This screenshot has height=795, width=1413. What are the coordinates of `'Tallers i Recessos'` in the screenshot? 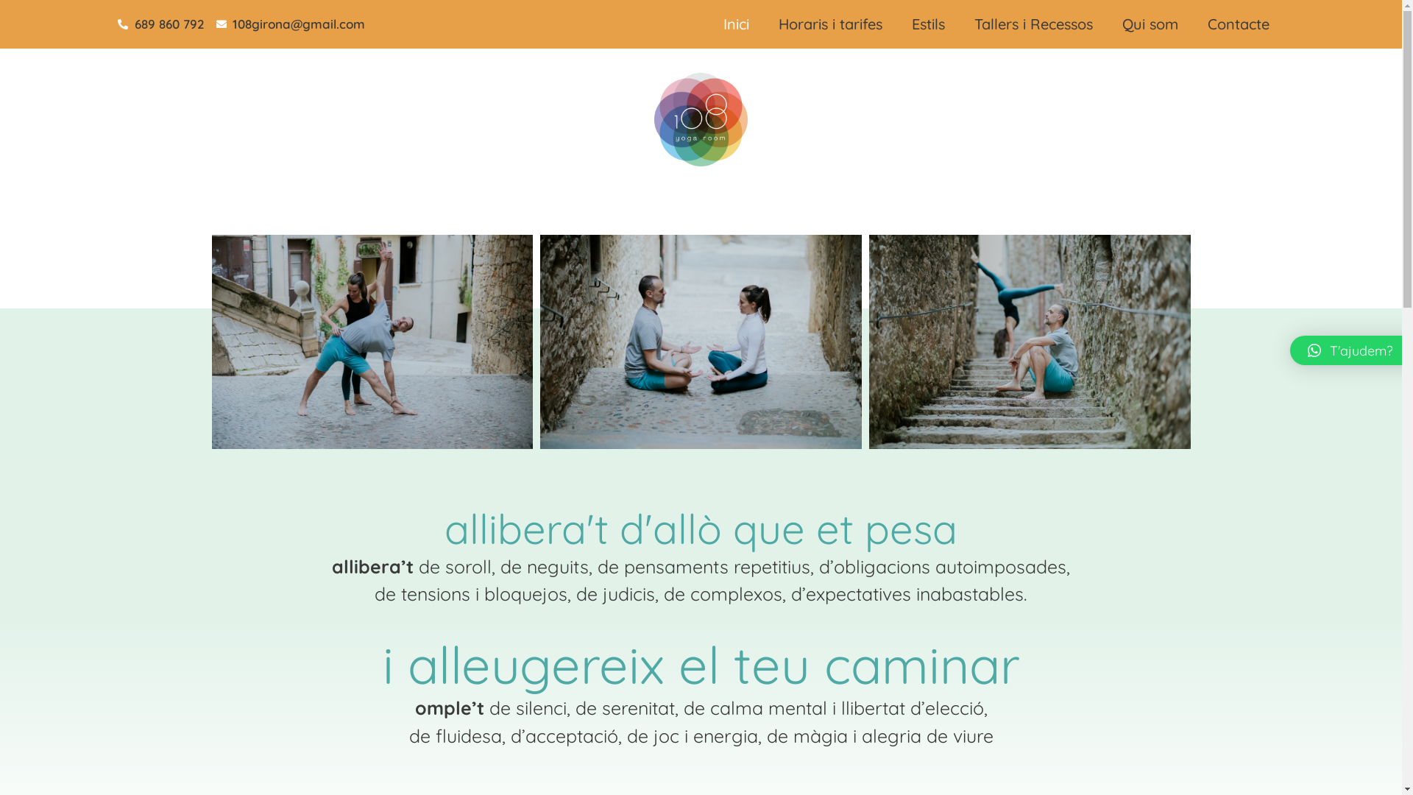 It's located at (1033, 24).